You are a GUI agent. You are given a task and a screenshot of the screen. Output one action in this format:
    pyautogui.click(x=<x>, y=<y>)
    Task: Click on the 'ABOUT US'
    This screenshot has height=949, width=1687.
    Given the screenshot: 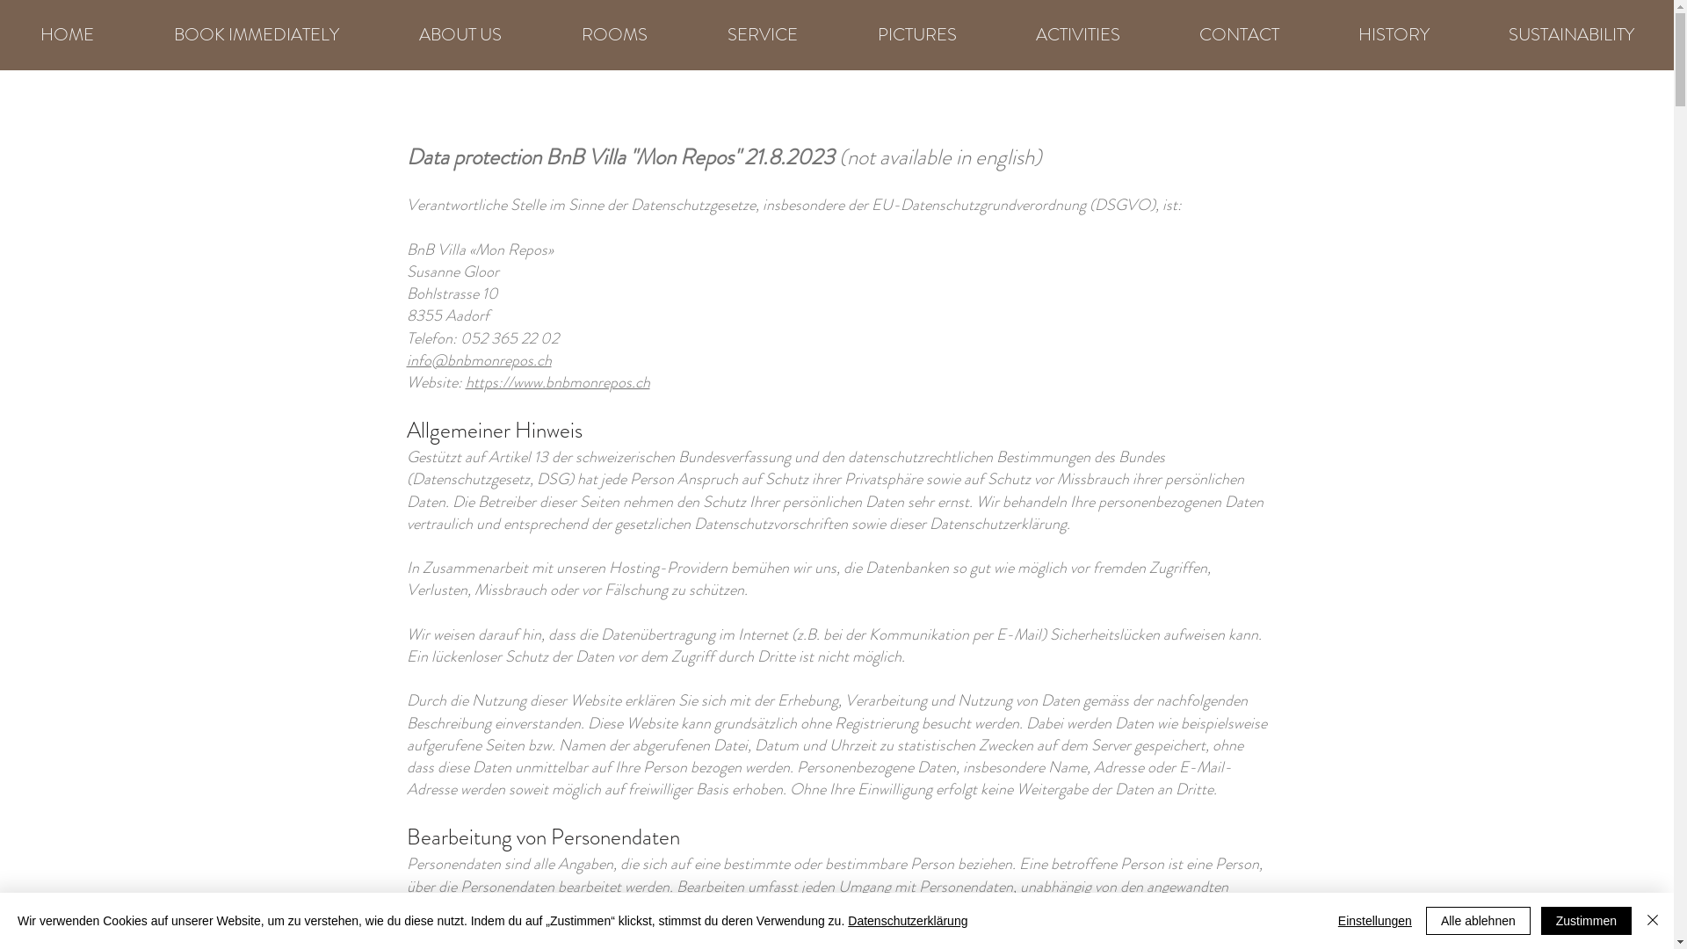 What is the action you would take?
    pyautogui.click(x=460, y=34)
    